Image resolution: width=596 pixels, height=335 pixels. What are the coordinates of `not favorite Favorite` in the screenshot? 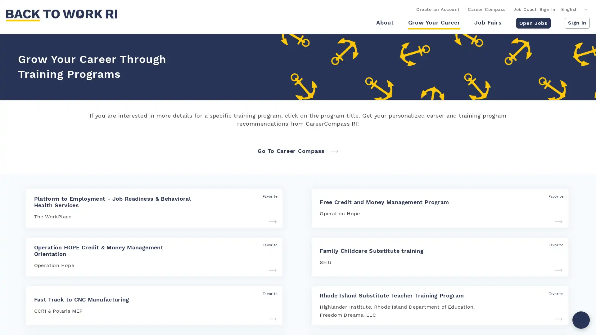 It's located at (552, 244).